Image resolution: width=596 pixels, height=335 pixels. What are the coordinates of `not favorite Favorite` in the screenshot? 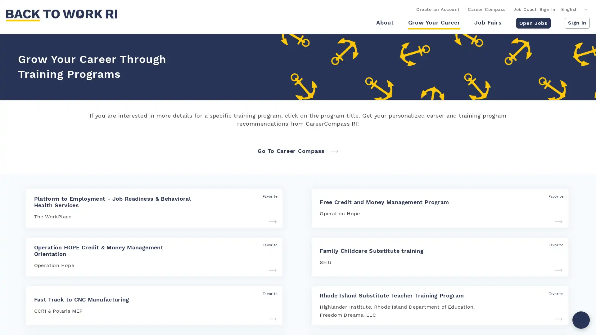 It's located at (552, 244).